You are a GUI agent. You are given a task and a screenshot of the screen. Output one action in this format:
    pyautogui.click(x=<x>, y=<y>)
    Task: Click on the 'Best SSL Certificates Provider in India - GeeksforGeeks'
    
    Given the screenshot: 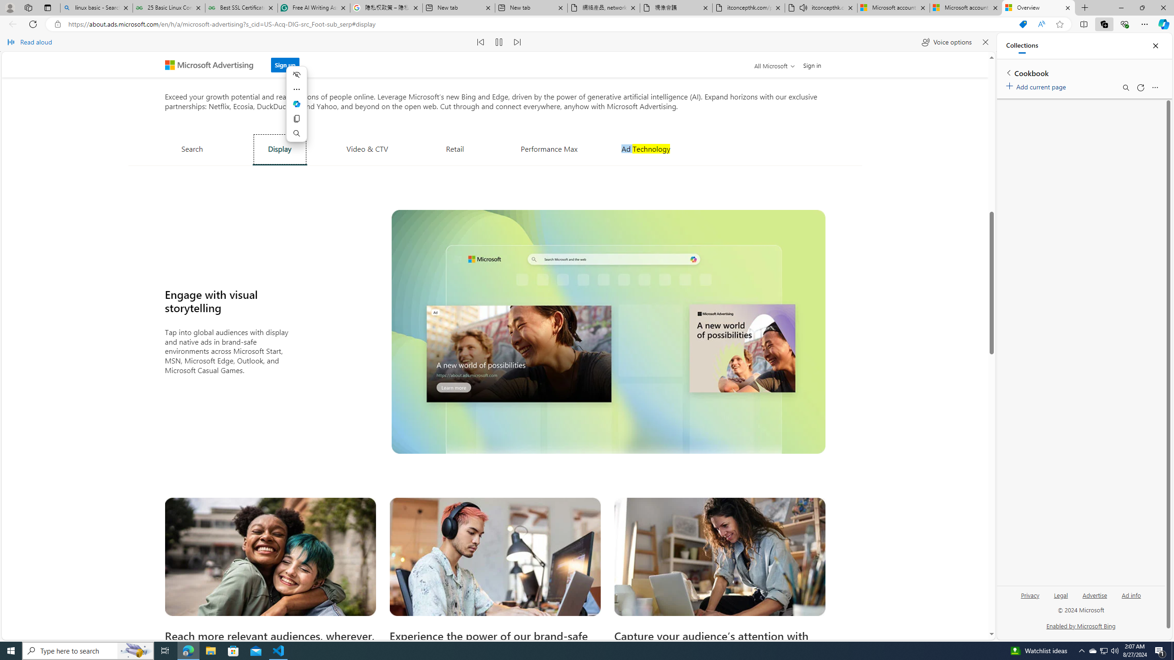 What is the action you would take?
    pyautogui.click(x=241, y=7)
    